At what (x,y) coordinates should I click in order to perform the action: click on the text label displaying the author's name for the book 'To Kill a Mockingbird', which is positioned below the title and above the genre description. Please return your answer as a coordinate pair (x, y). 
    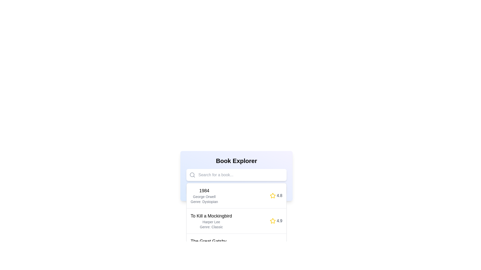
    Looking at the image, I should click on (211, 221).